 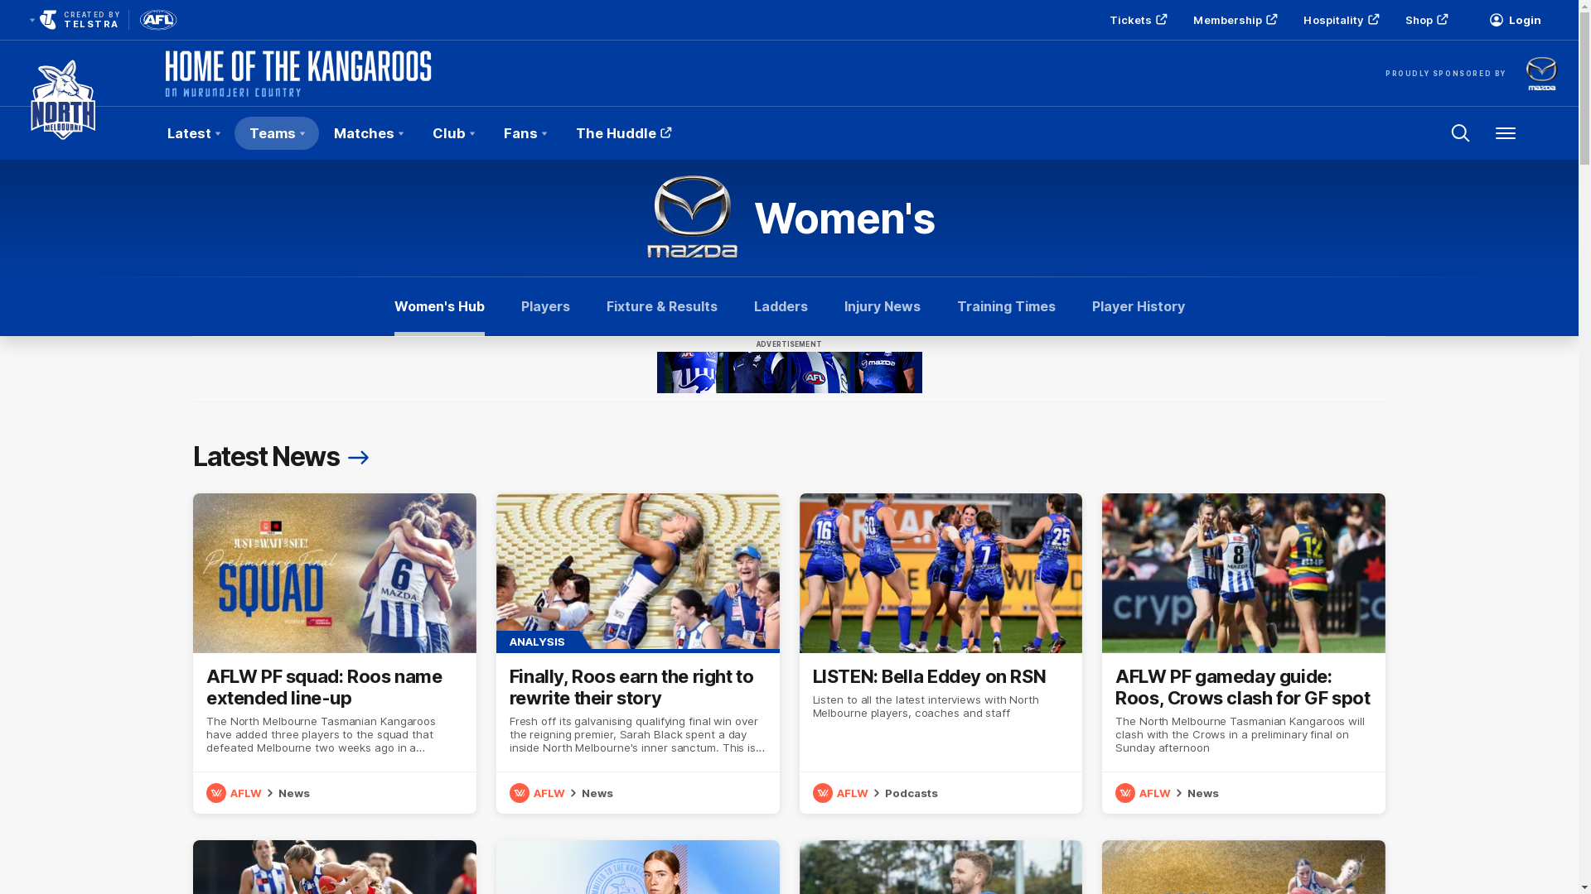 What do you see at coordinates (910, 791) in the screenshot?
I see `'Podcasts'` at bounding box center [910, 791].